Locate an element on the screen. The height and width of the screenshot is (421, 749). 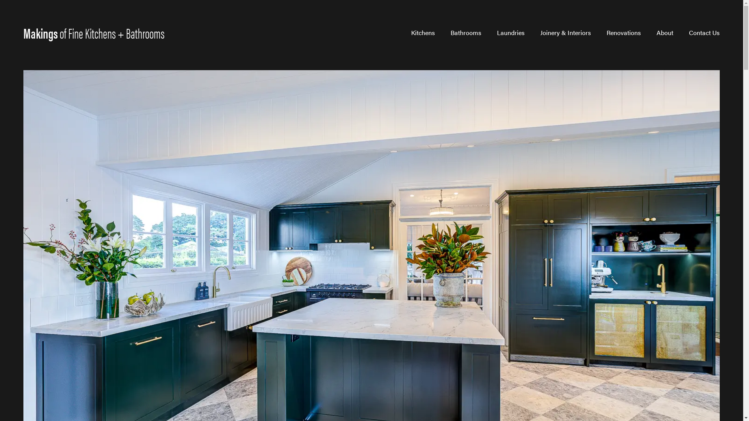
'Bathrooms' is located at coordinates (466, 32).